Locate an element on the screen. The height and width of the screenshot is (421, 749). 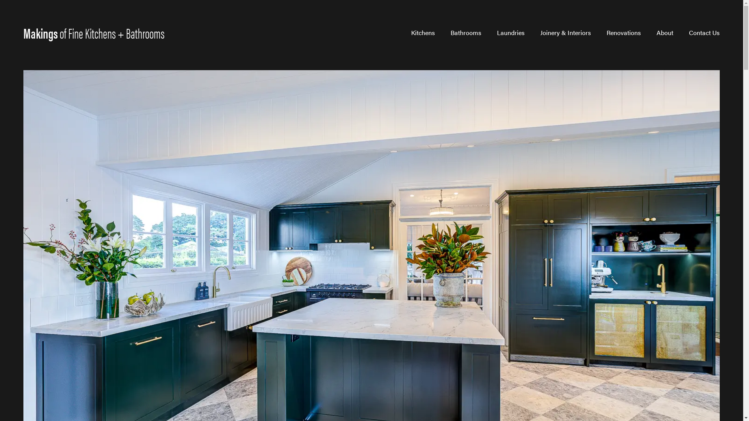
'Bathrooms' is located at coordinates (466, 32).